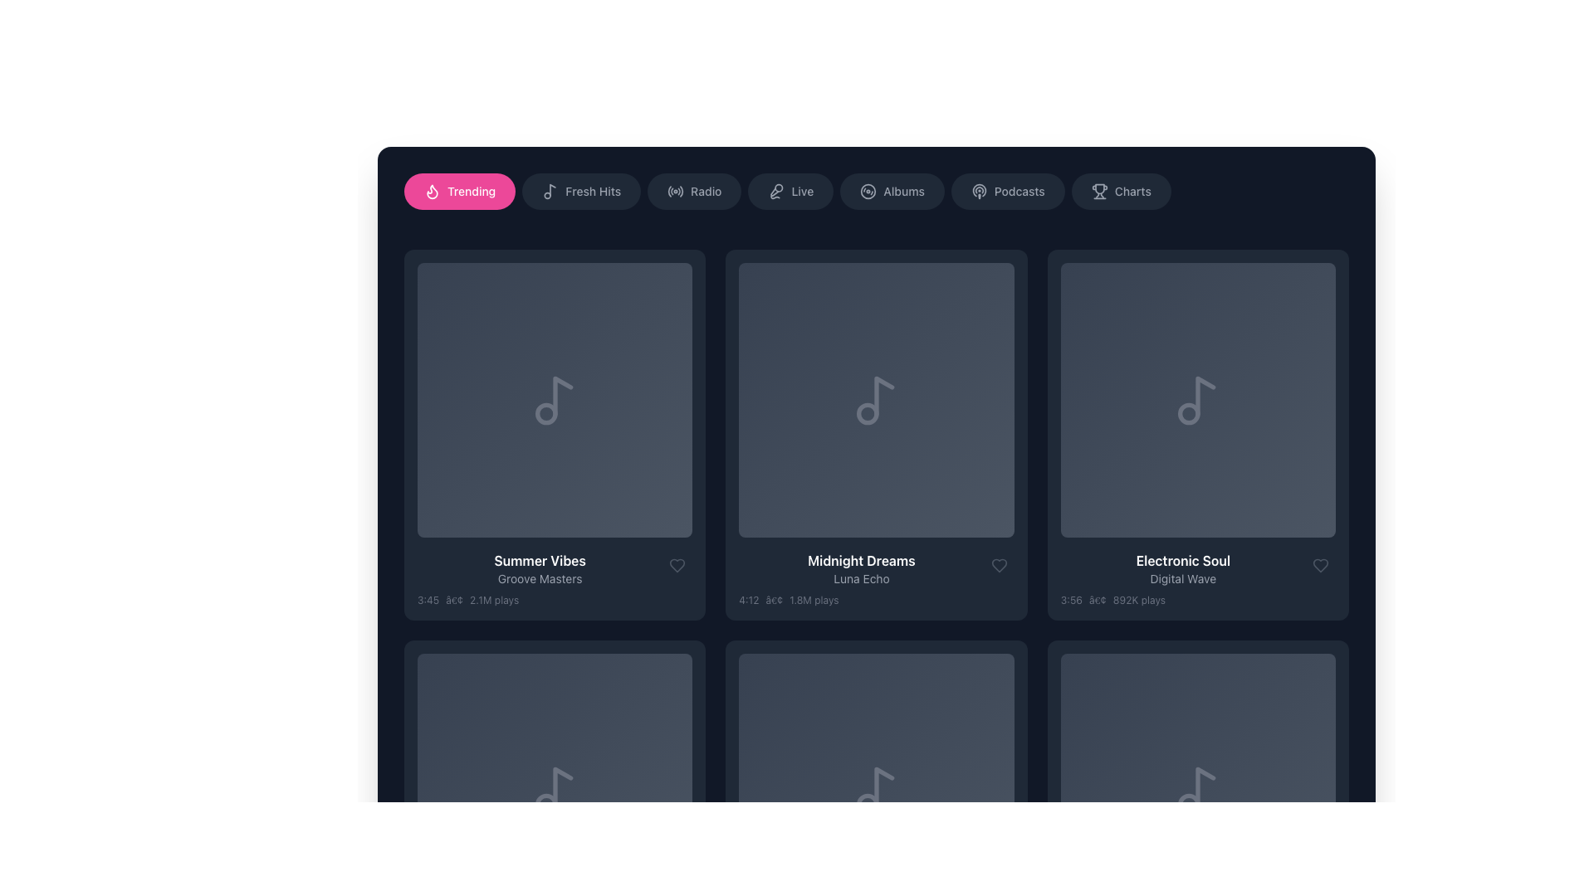 The height and width of the screenshot is (896, 1594). I want to click on text label displaying '1.8M plays', which is a small, gray font located in the lower-left corner of the media listing tile 'Midnight Dreams', so click(814, 601).